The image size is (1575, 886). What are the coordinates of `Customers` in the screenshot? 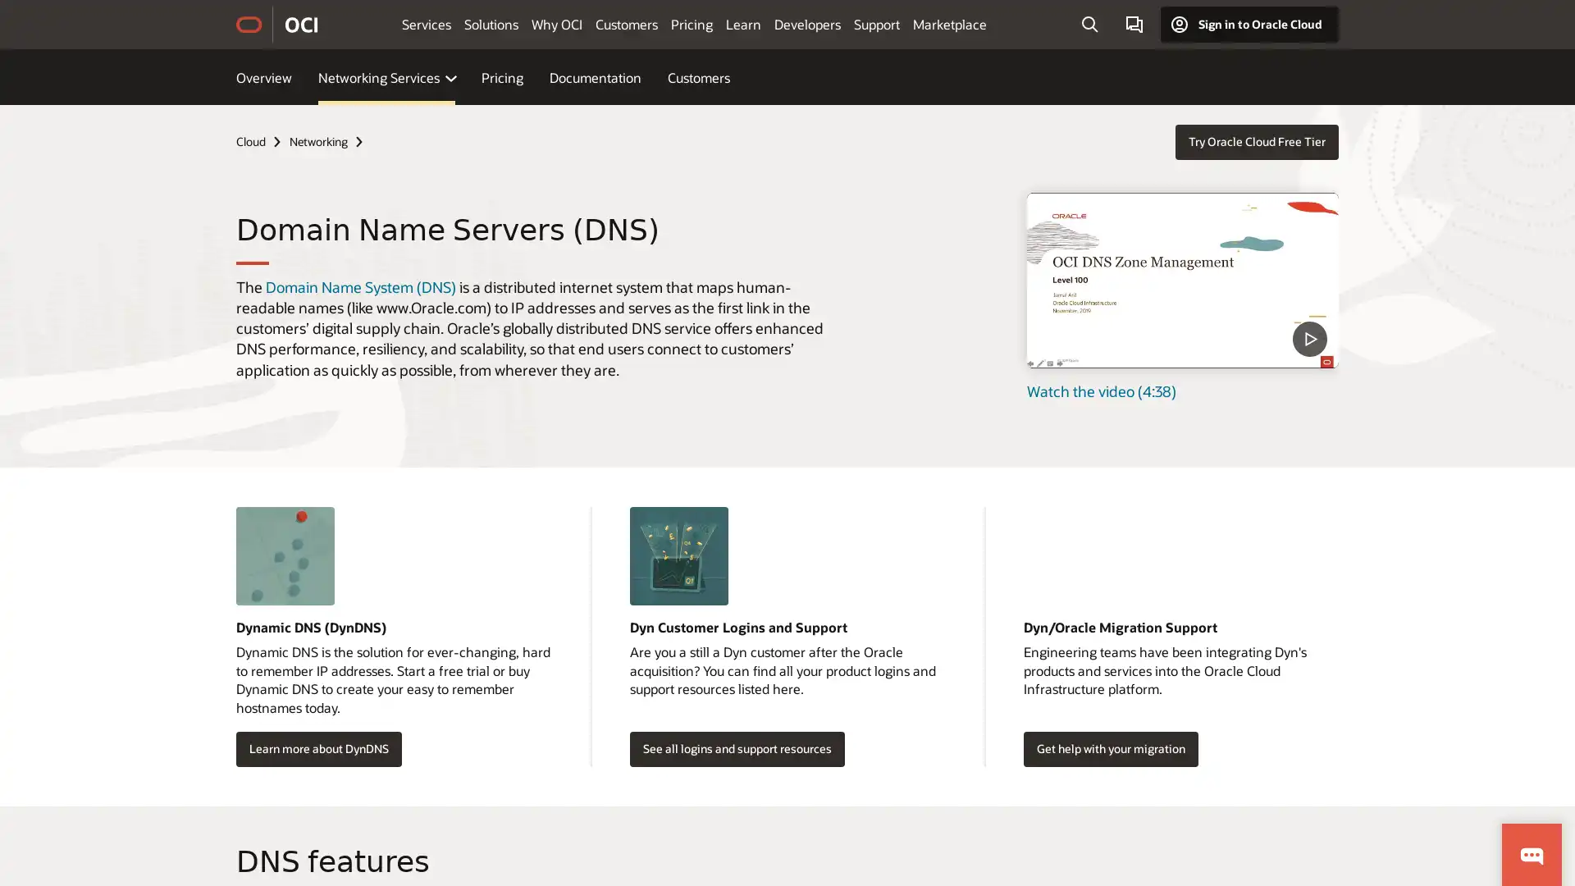 It's located at (625, 24).